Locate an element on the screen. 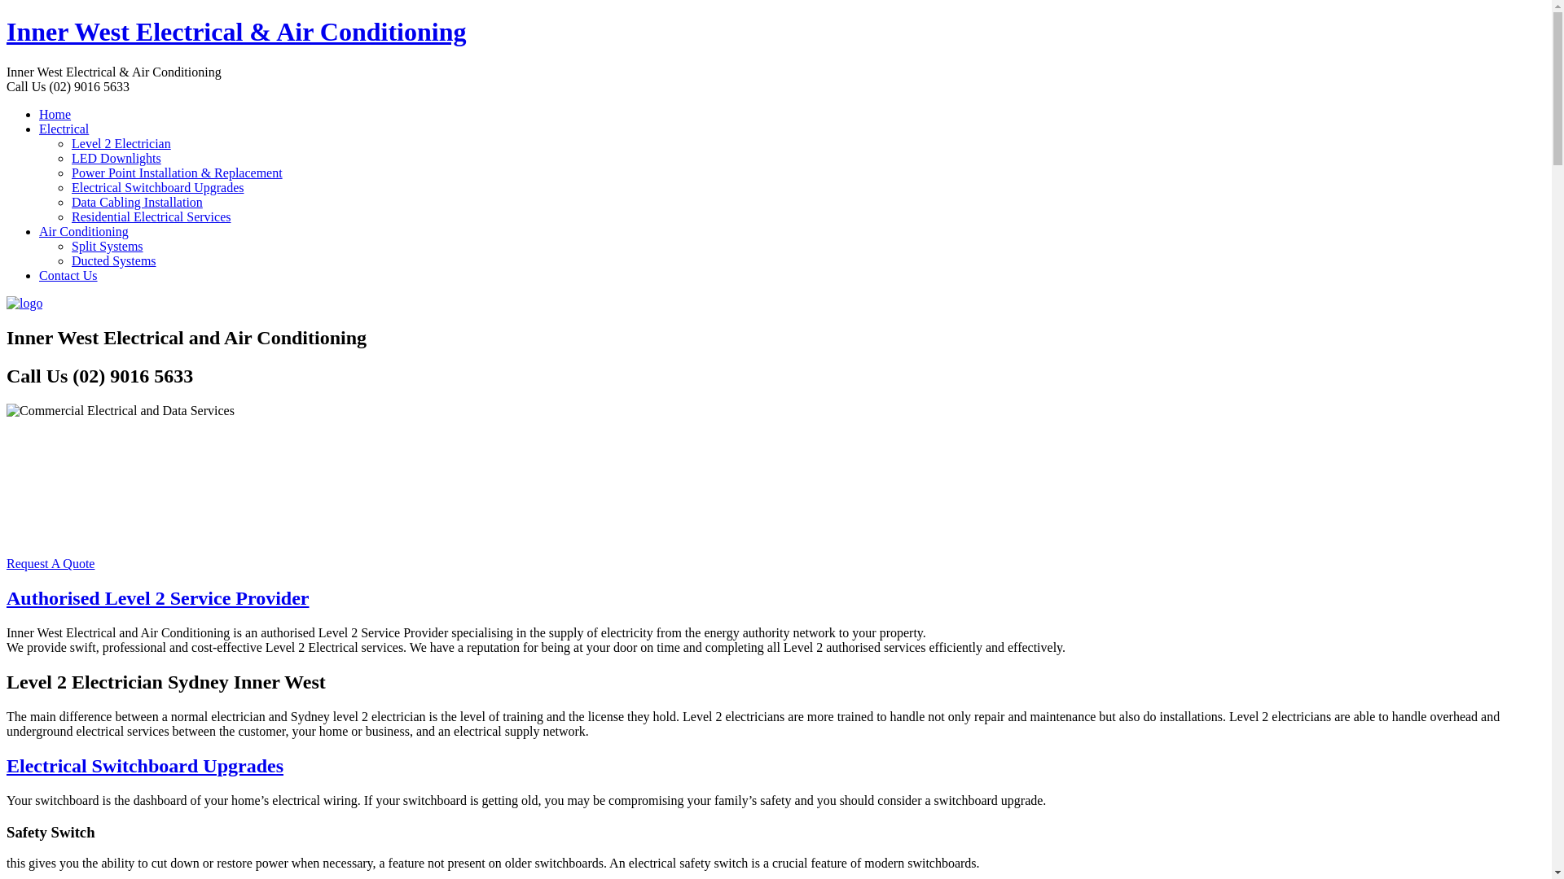 This screenshot has height=879, width=1564. 'Air Conditioning' is located at coordinates (82, 231).